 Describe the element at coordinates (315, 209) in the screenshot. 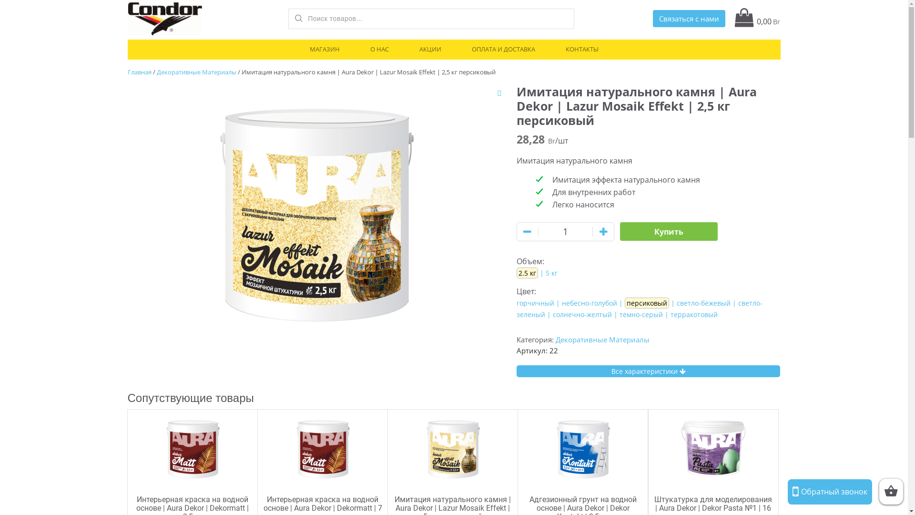

I see `'aura_lazur_mosaik_effekt_model'` at that location.